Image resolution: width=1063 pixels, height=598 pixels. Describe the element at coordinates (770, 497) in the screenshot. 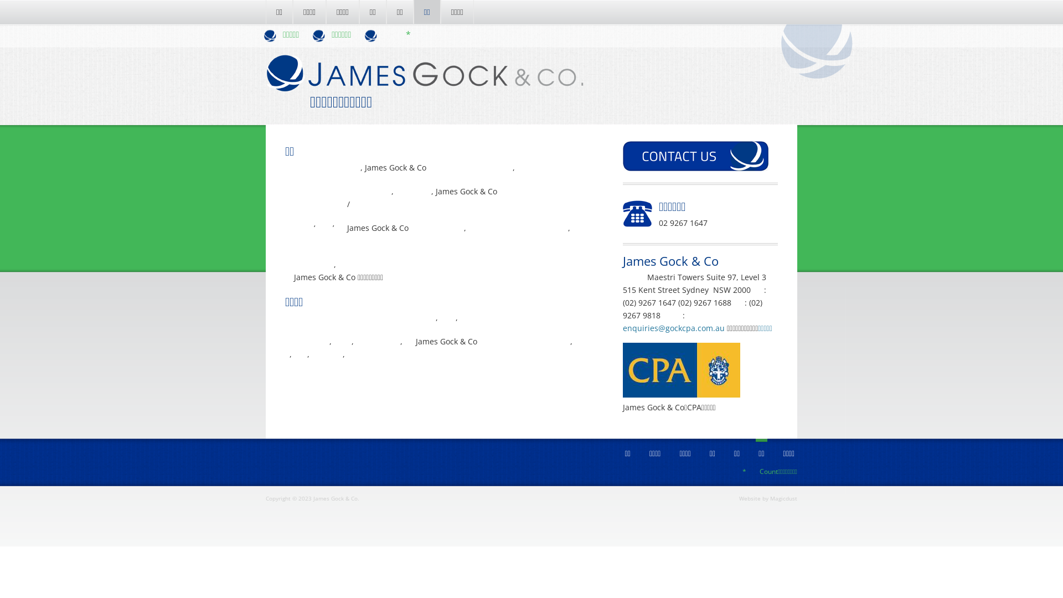

I see `'Magicdust'` at that location.